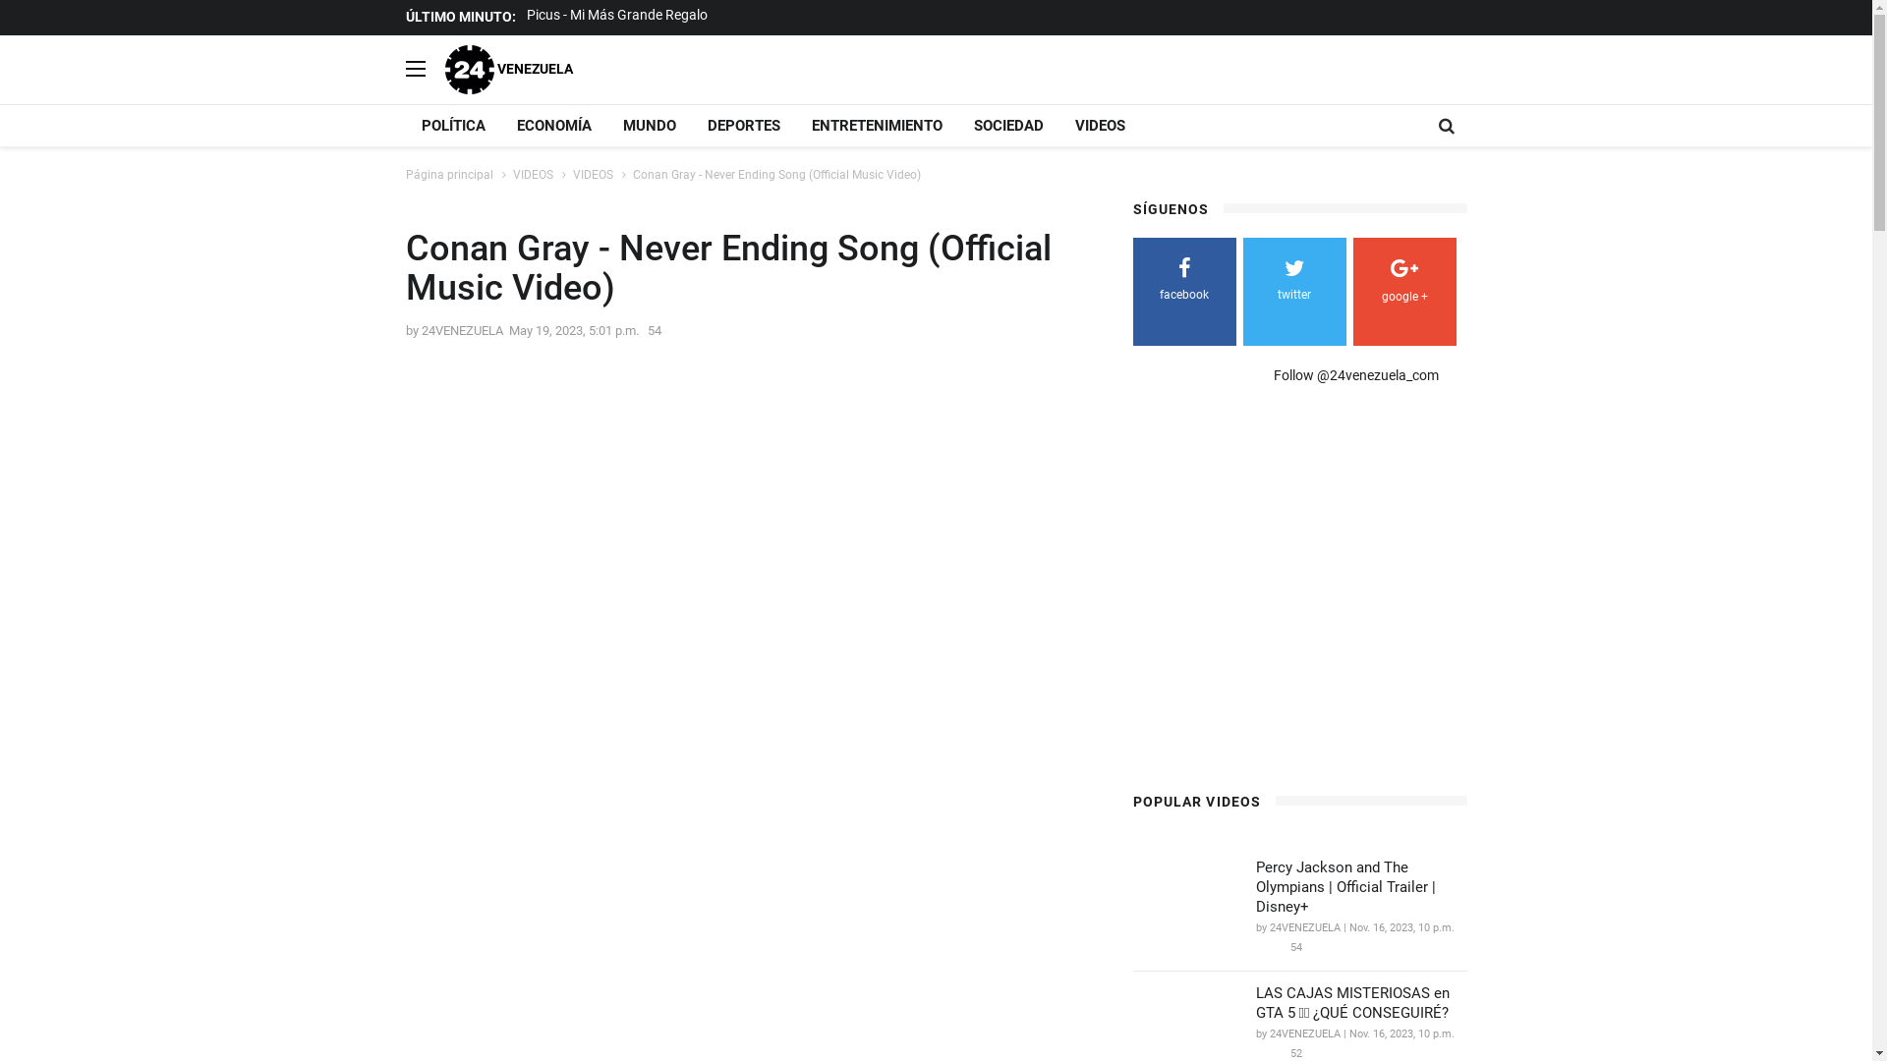 The image size is (1887, 1061). What do you see at coordinates (876, 125) in the screenshot?
I see `'ENTRETENIMIENTO'` at bounding box center [876, 125].